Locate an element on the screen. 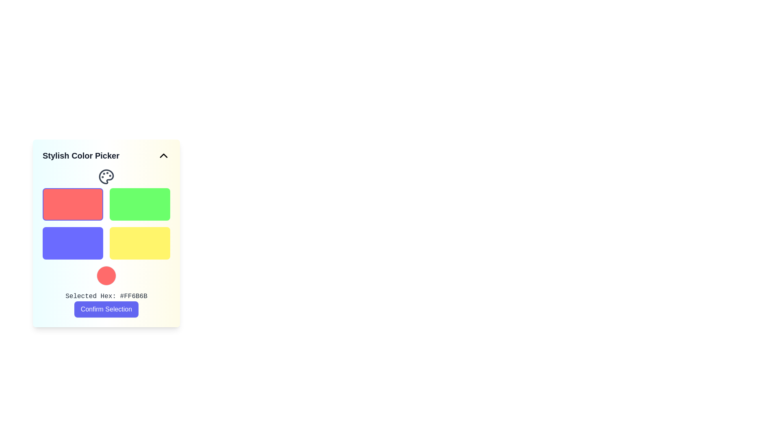 Image resolution: width=780 pixels, height=438 pixels. the painter's palette icon that represents color selection or artistic tools, located slightly above a color grid and to the left of a descriptive header label is located at coordinates (106, 176).